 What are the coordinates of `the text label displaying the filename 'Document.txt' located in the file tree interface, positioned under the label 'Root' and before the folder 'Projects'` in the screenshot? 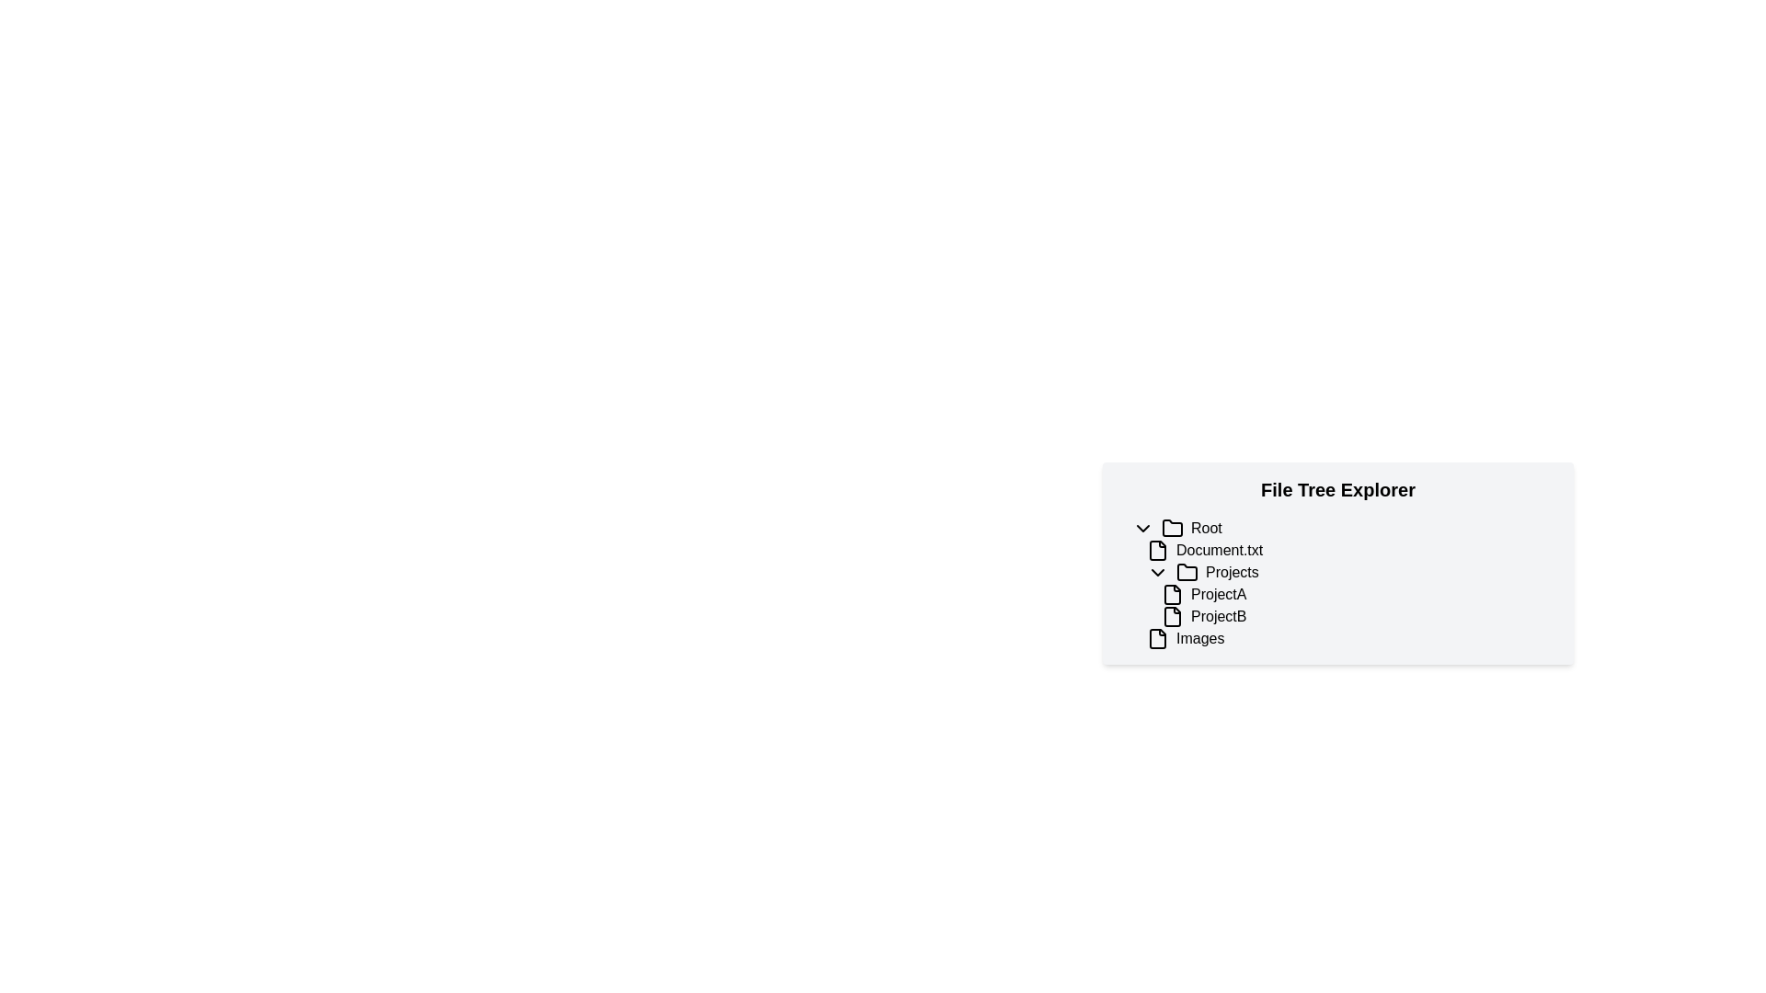 It's located at (1219, 549).